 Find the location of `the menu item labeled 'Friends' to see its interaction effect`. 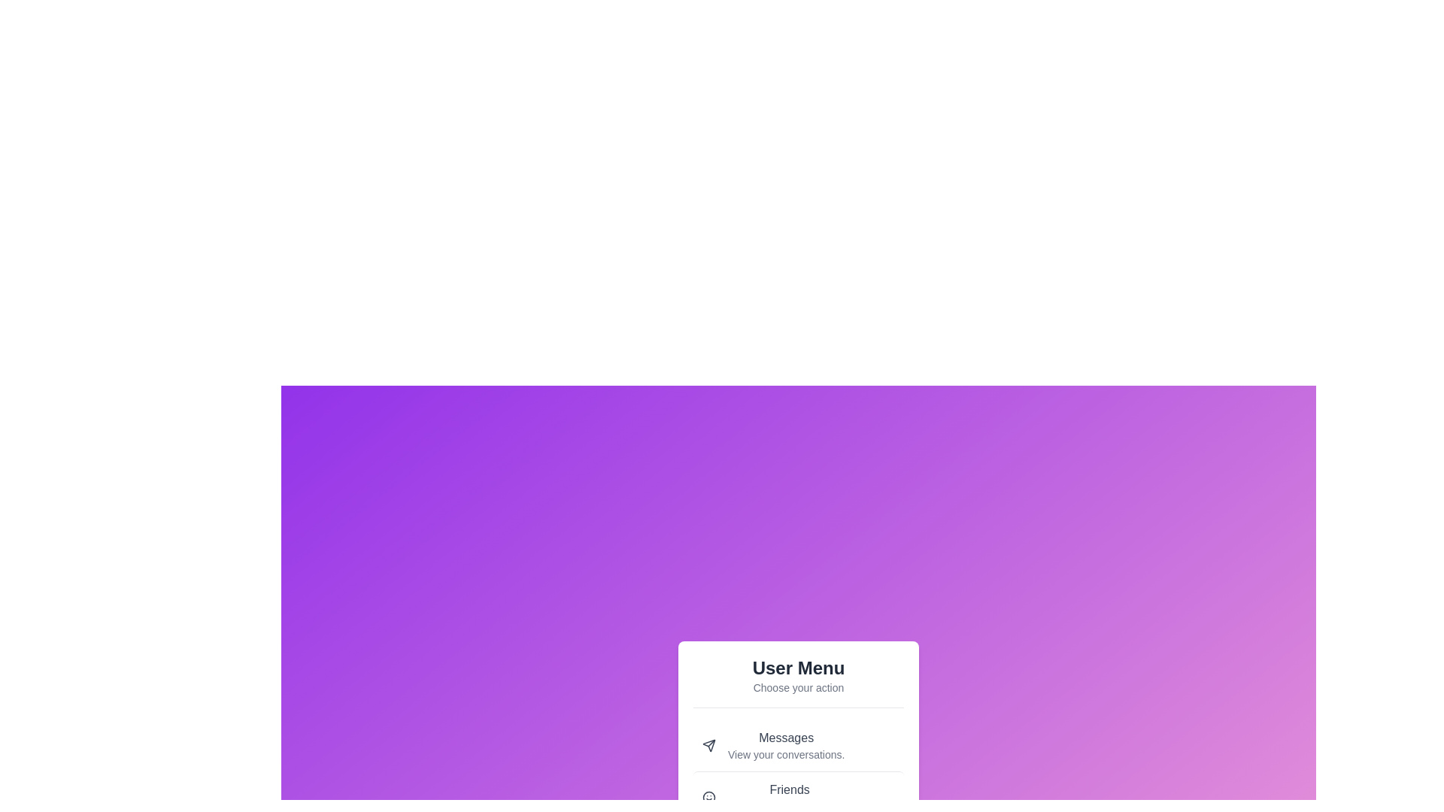

the menu item labeled 'Friends' to see its interaction effect is located at coordinates (797, 796).